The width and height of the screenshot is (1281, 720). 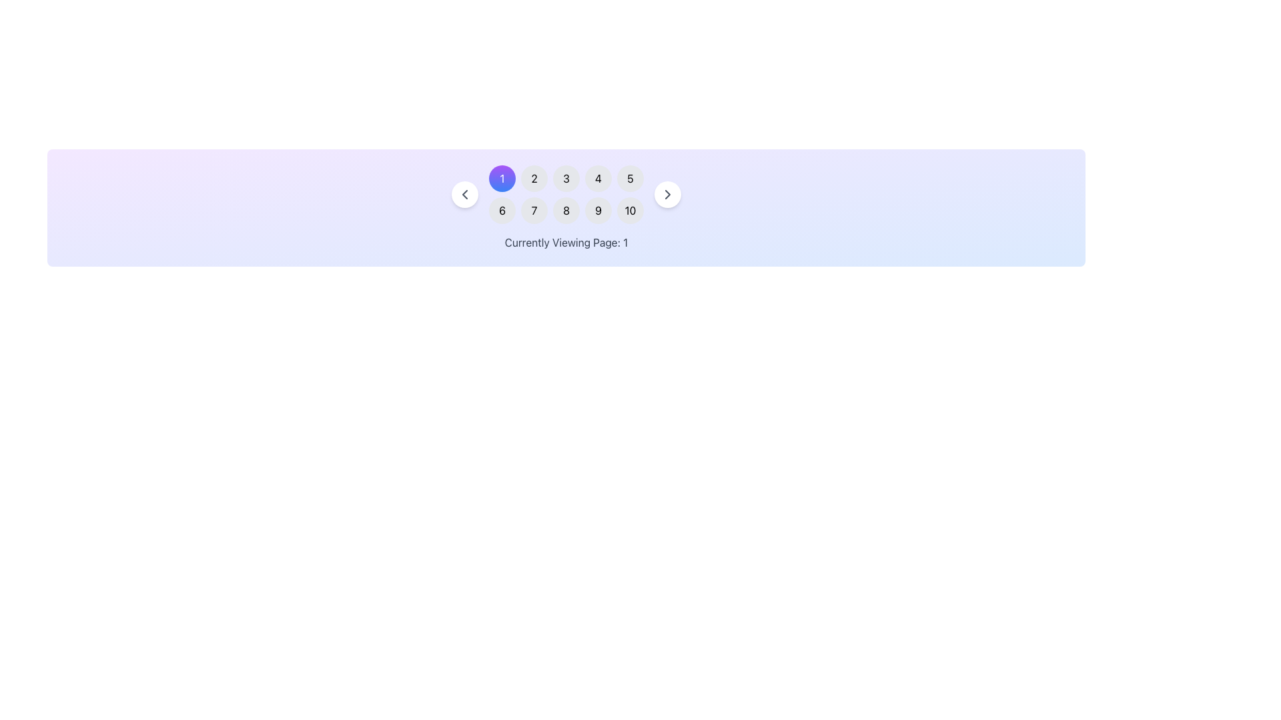 What do you see at coordinates (598, 210) in the screenshot?
I see `the circular button with a light gray background and the number '9' centered in black text, located in the bottom-right corner of the grid` at bounding box center [598, 210].